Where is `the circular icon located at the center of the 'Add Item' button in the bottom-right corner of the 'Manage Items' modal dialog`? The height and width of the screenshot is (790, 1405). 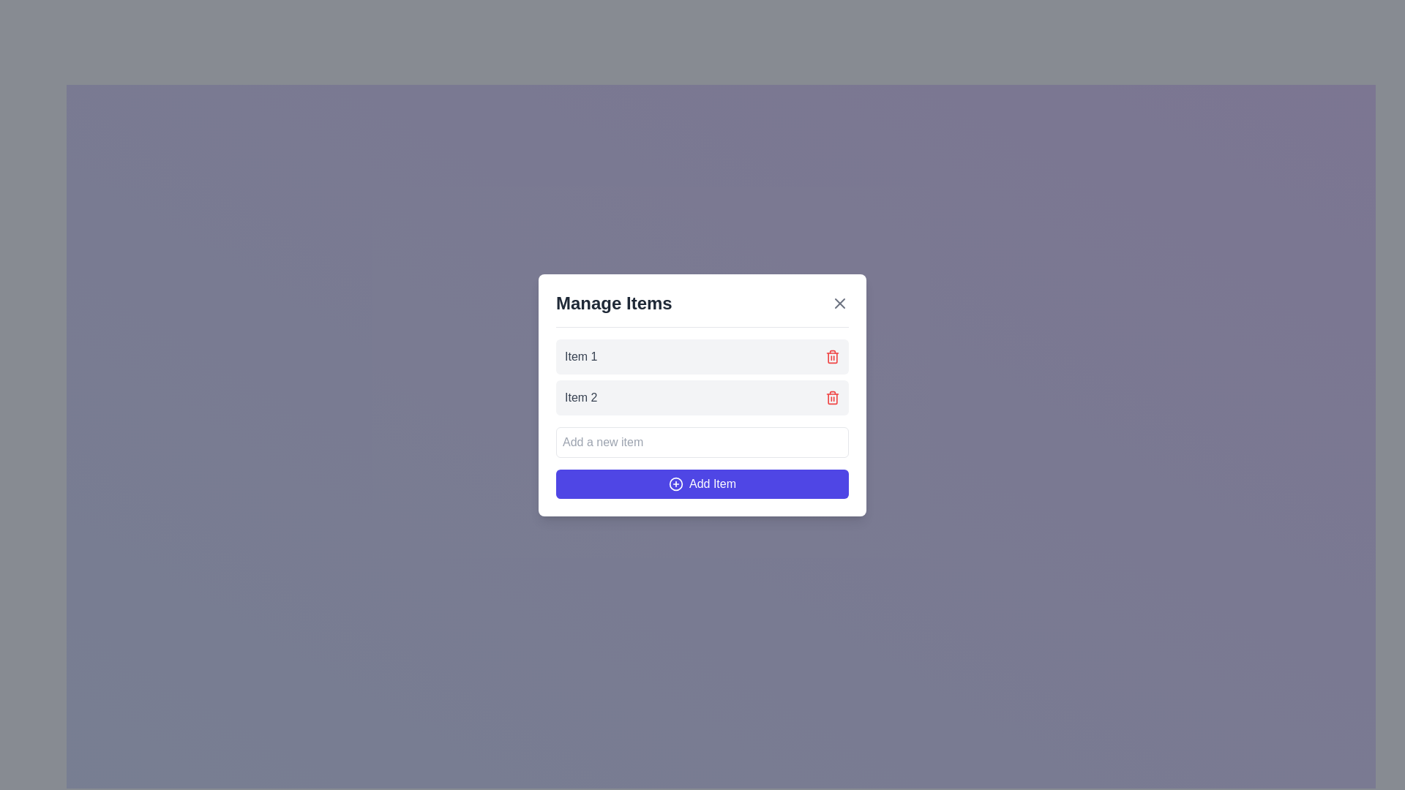 the circular icon located at the center of the 'Add Item' button in the bottom-right corner of the 'Manage Items' modal dialog is located at coordinates (675, 484).